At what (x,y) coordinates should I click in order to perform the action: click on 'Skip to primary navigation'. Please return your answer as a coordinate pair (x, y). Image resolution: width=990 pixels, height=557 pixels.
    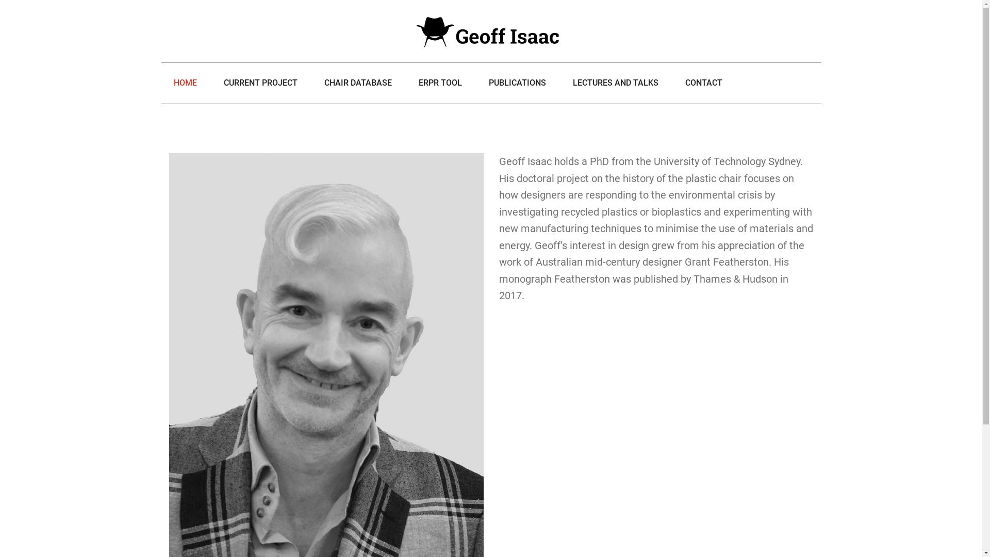
    Looking at the image, I should click on (0, 0).